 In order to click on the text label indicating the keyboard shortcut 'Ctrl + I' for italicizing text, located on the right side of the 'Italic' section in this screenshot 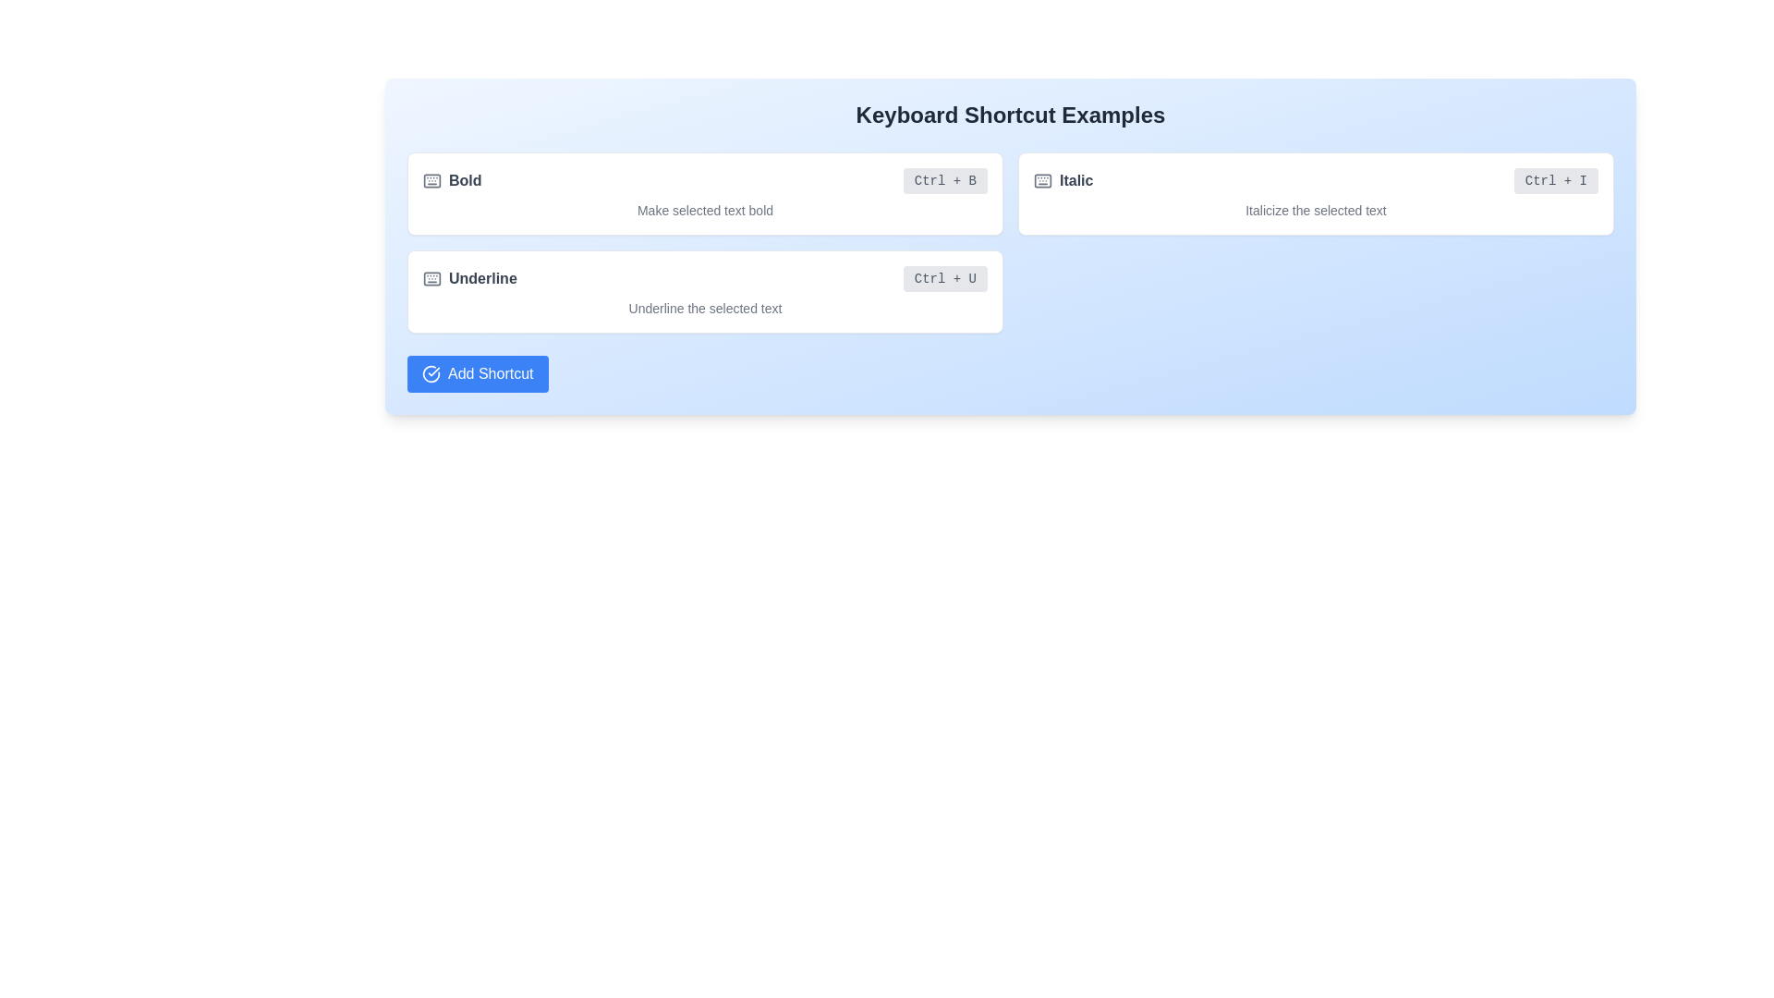, I will do `click(1555, 181)`.